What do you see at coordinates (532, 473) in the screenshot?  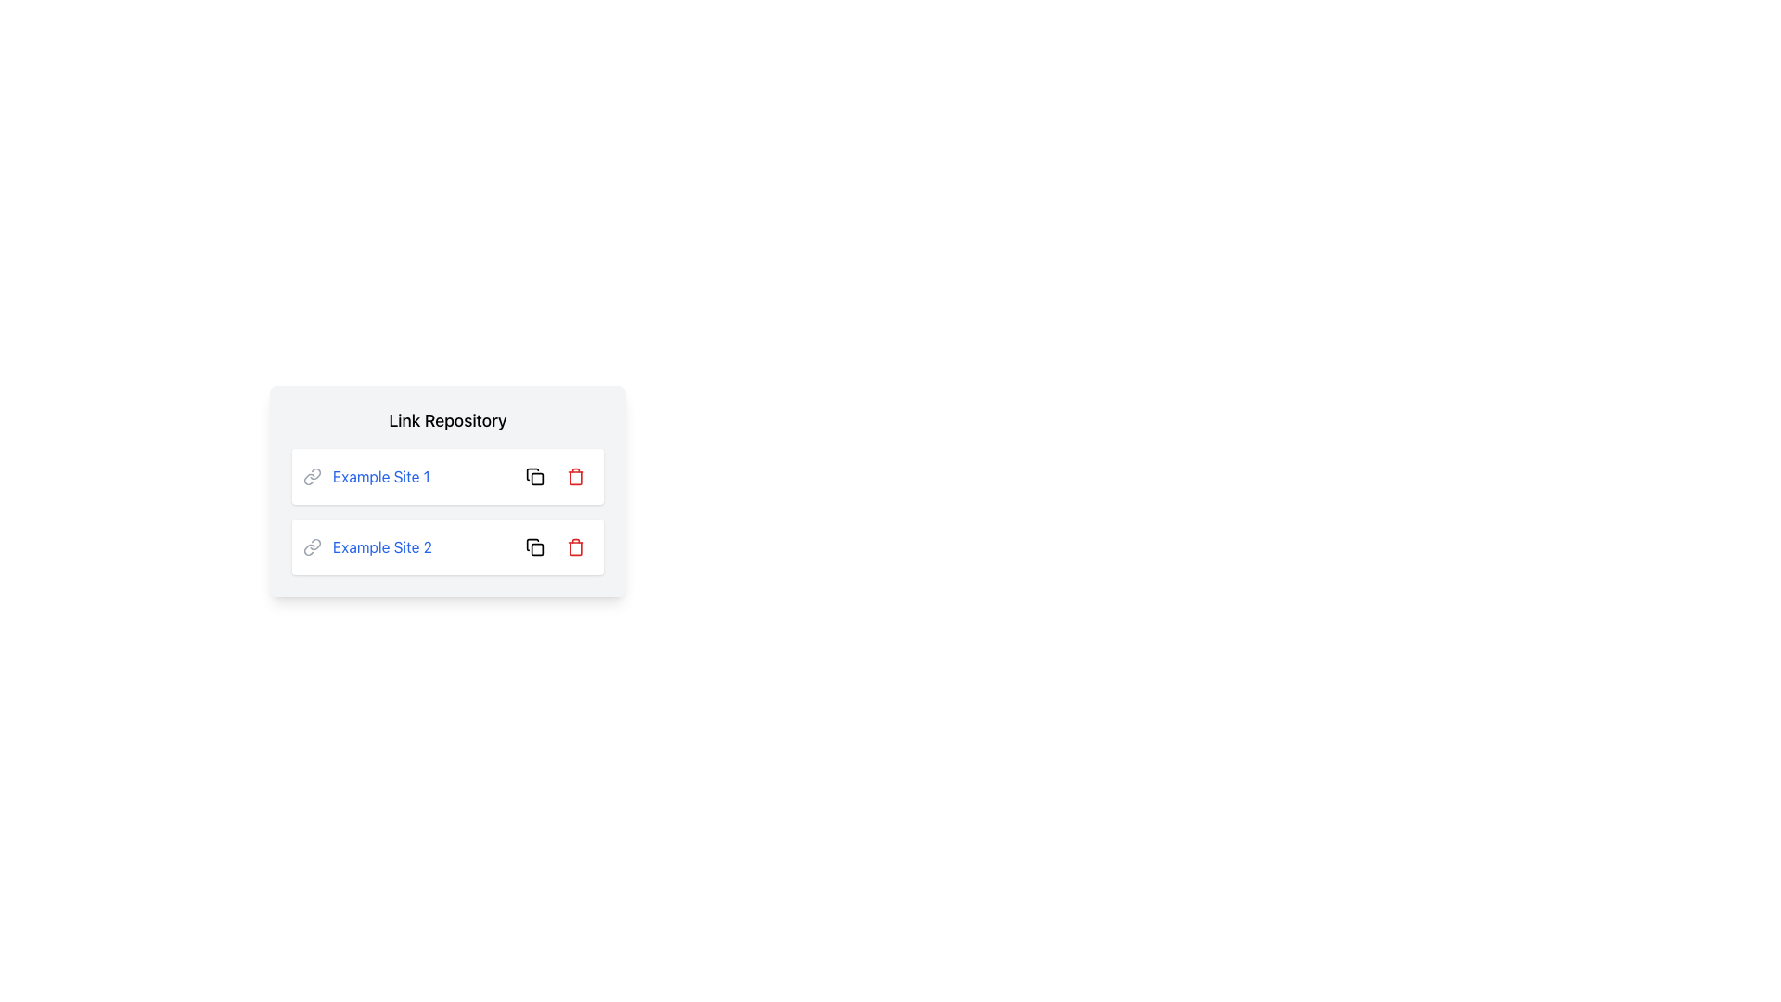 I see `the copy functionality icon located to the right of the 'Example Site 1' text in the 'Link Repository' component` at bounding box center [532, 473].